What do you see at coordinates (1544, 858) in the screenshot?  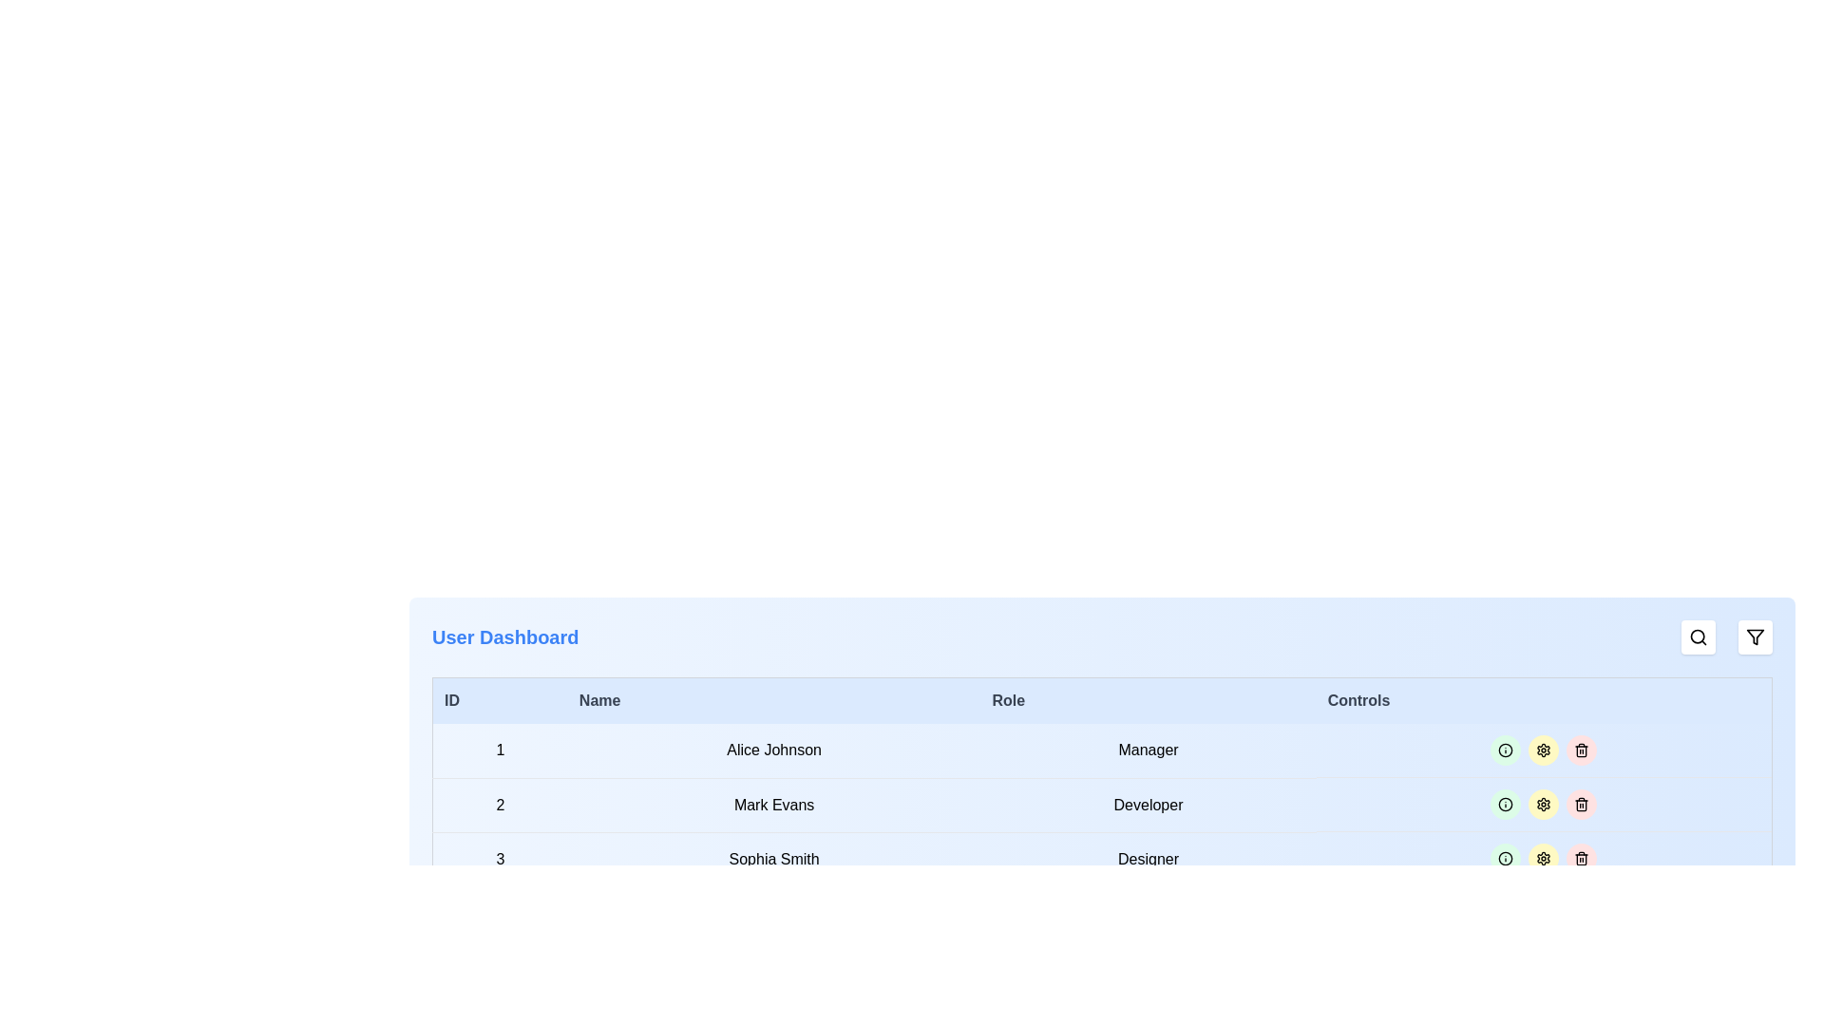 I see `the 'Settings' icon located in the bottom-most row of the user dashboard table, specifically the second icon from the left in the 'Controls' column` at bounding box center [1544, 858].